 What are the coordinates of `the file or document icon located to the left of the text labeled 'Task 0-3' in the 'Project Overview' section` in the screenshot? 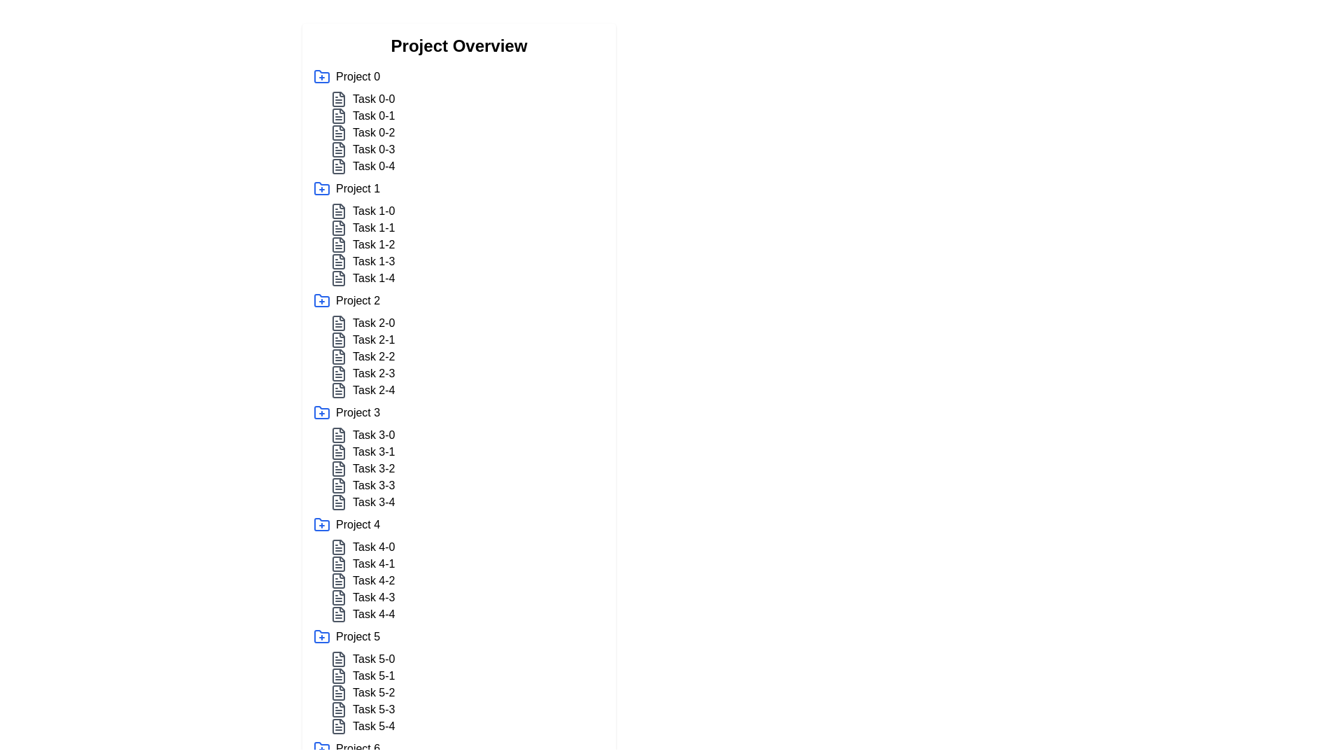 It's located at (339, 149).